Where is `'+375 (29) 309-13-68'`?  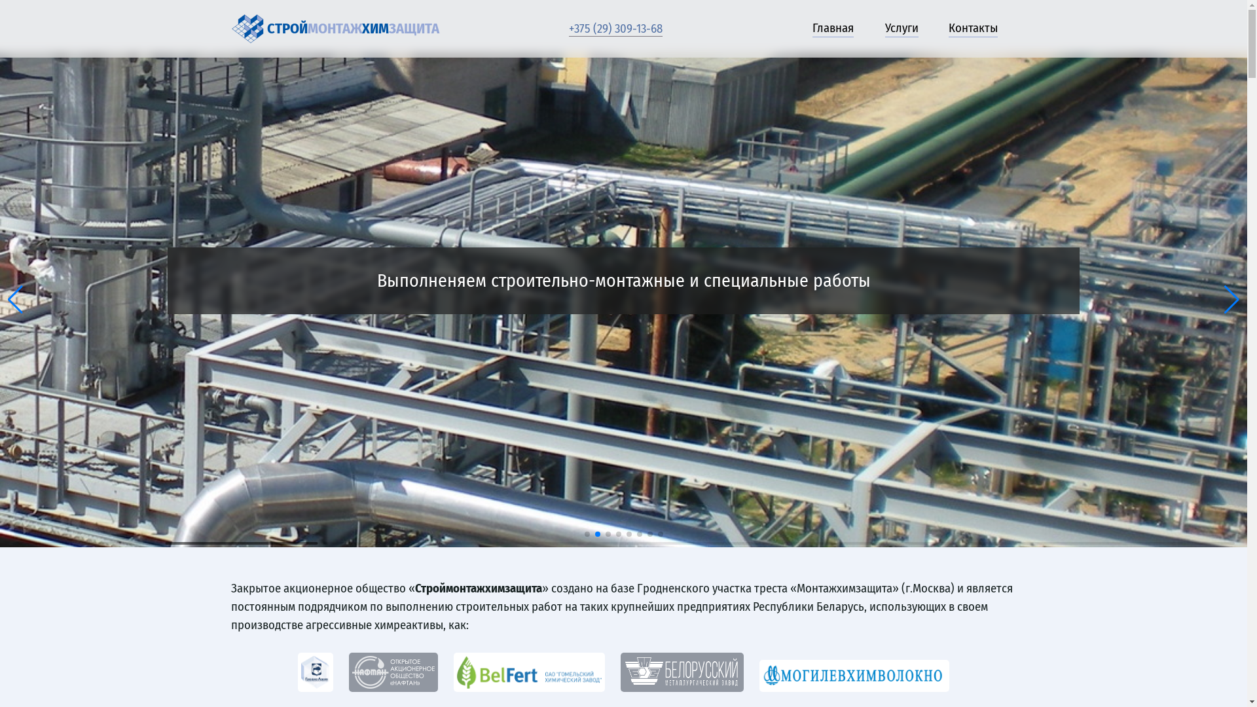
'+375 (29) 309-13-68' is located at coordinates (615, 29).